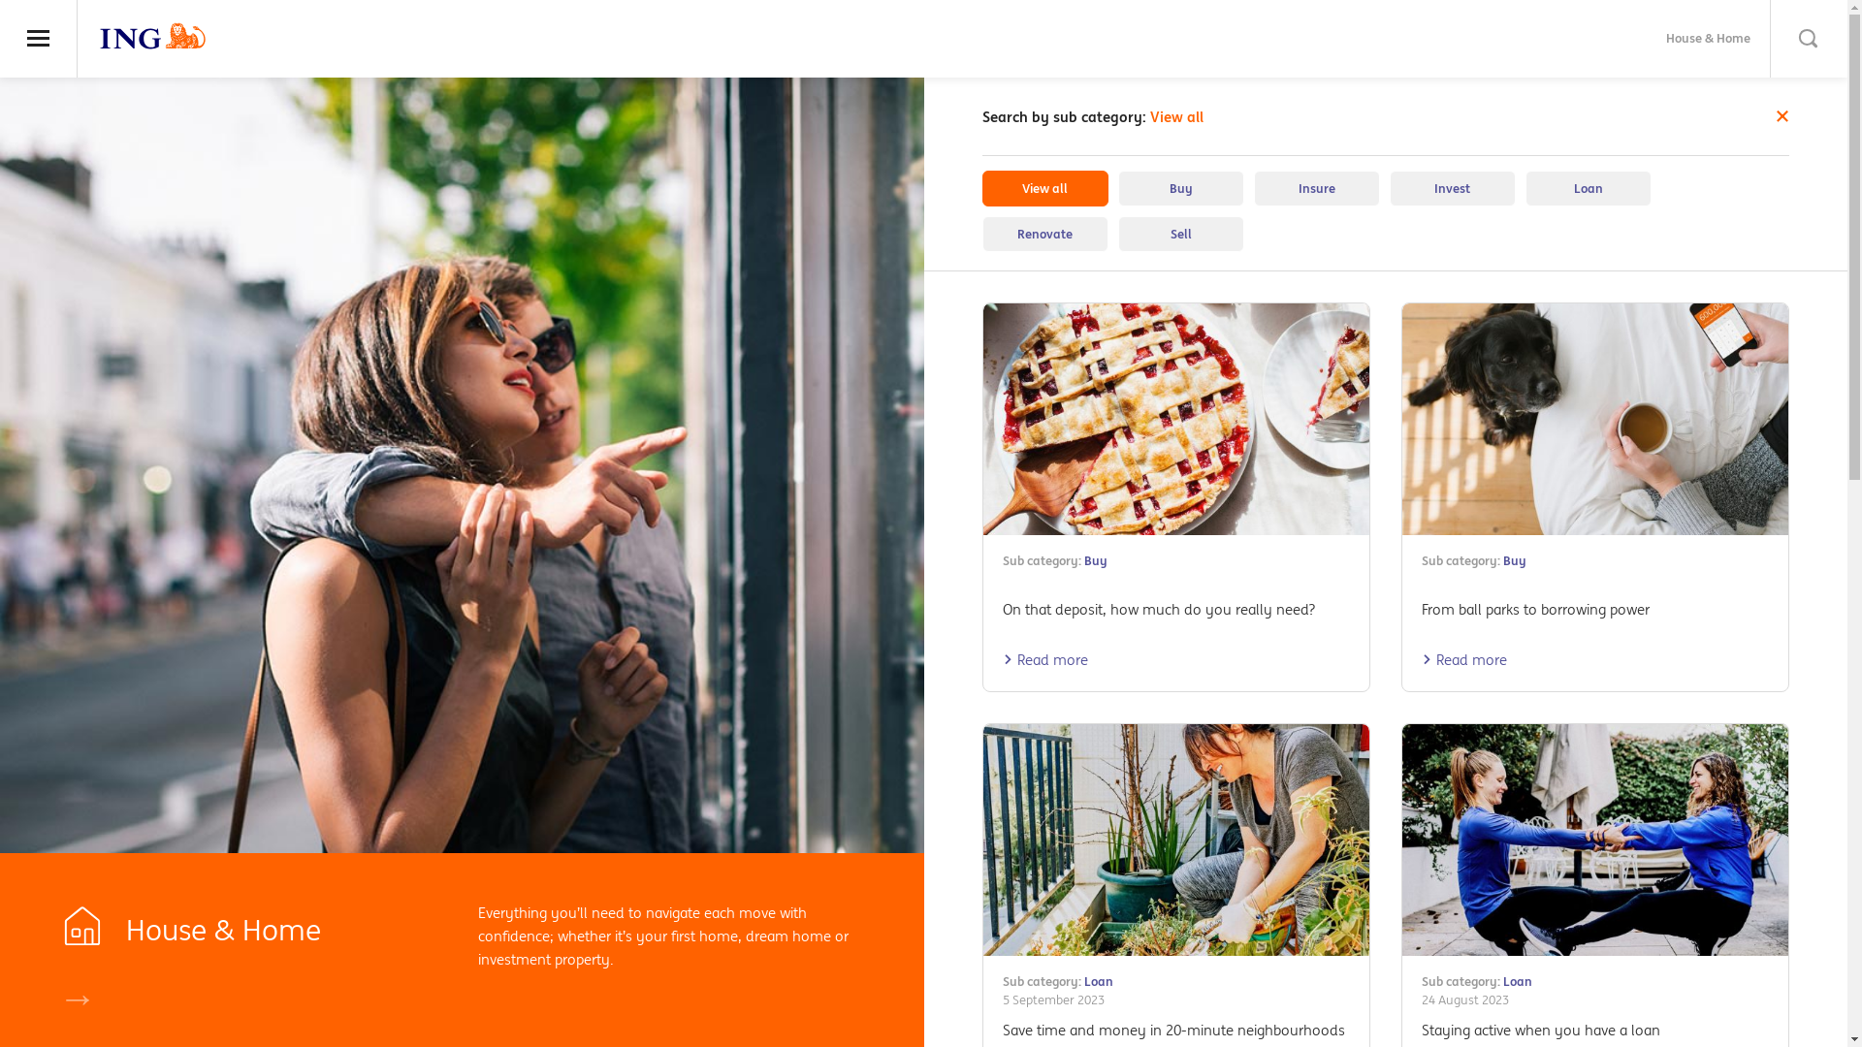  Describe the element at coordinates (1043, 233) in the screenshot. I see `'Renovate'` at that location.